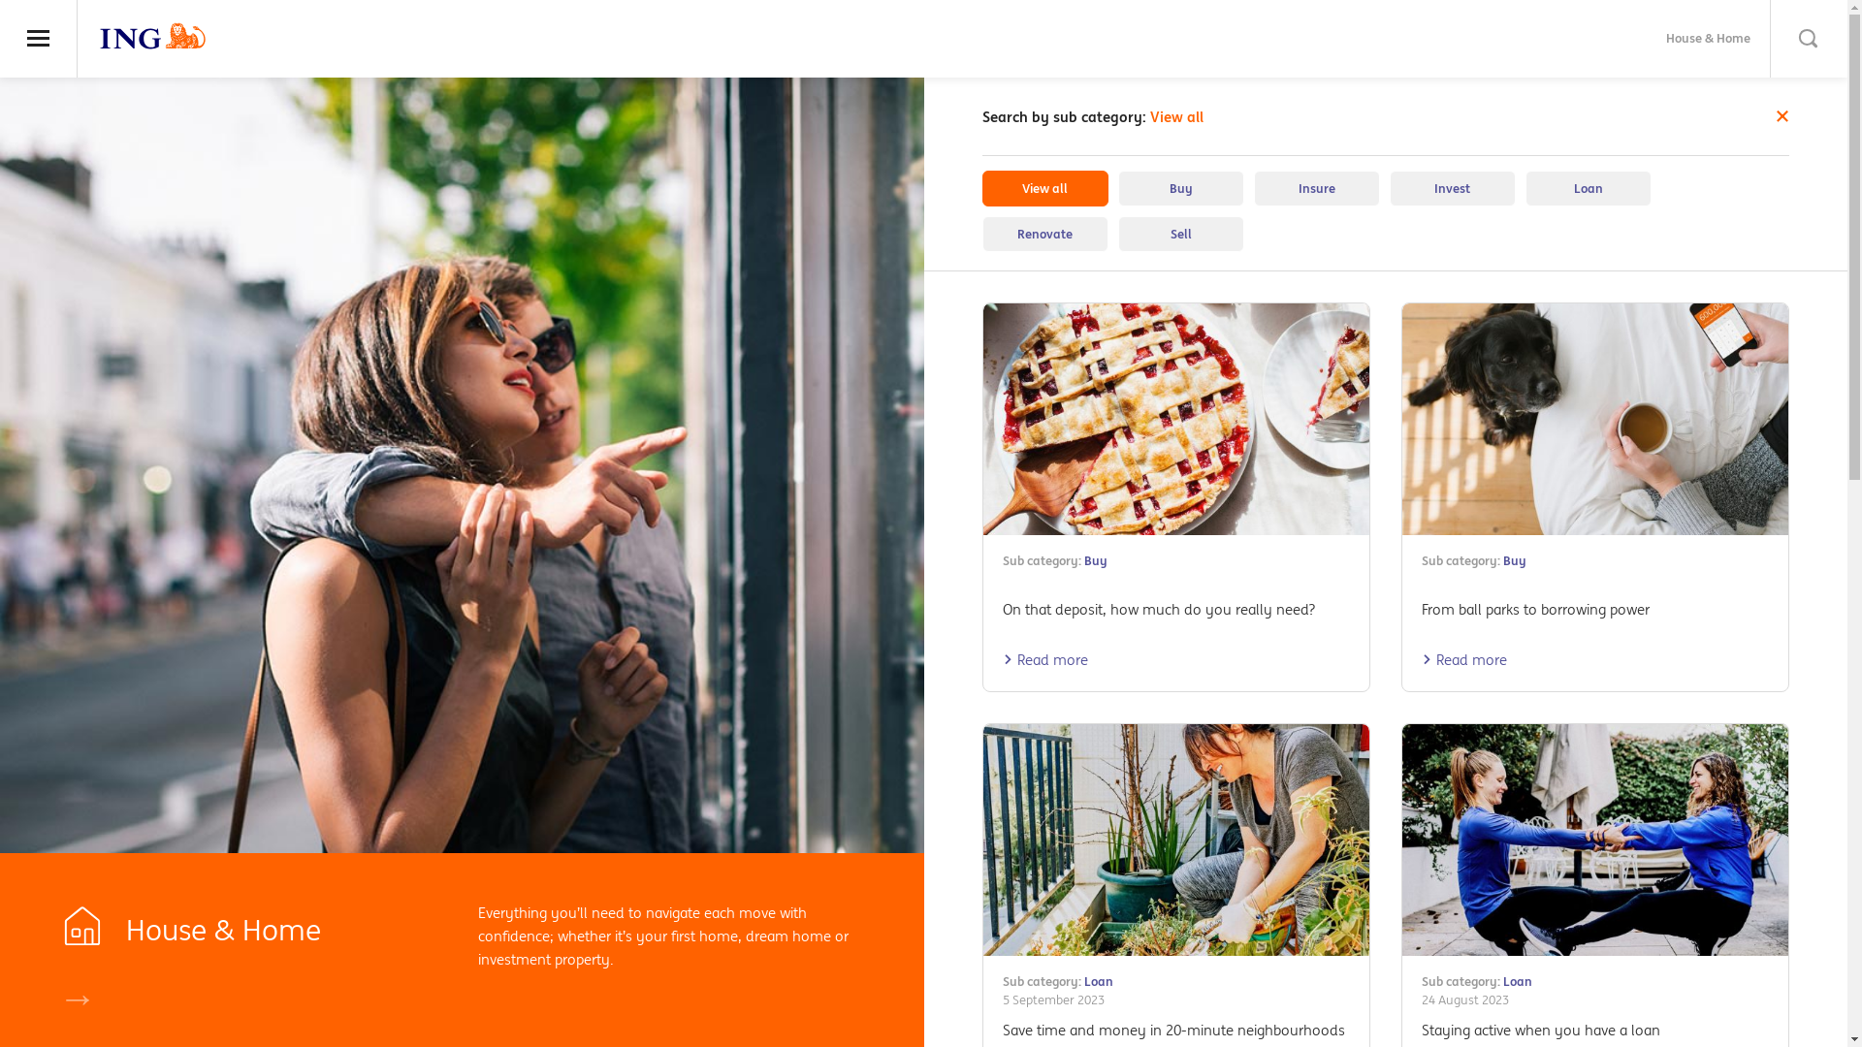  Describe the element at coordinates (1043, 233) in the screenshot. I see `'Renovate'` at that location.